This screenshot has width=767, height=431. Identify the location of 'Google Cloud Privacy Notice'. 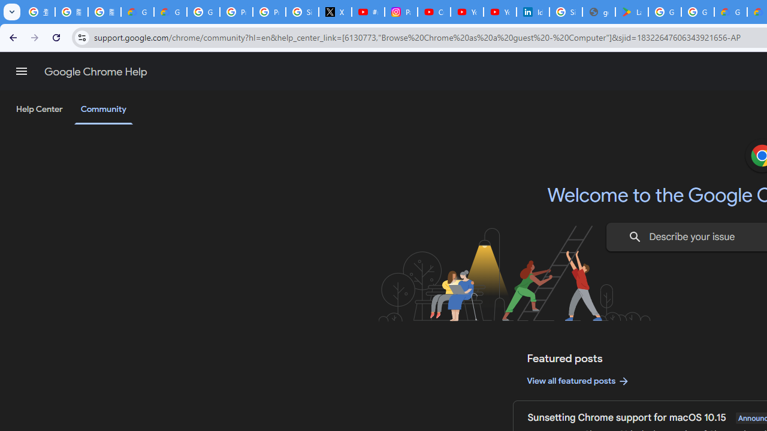
(170, 12).